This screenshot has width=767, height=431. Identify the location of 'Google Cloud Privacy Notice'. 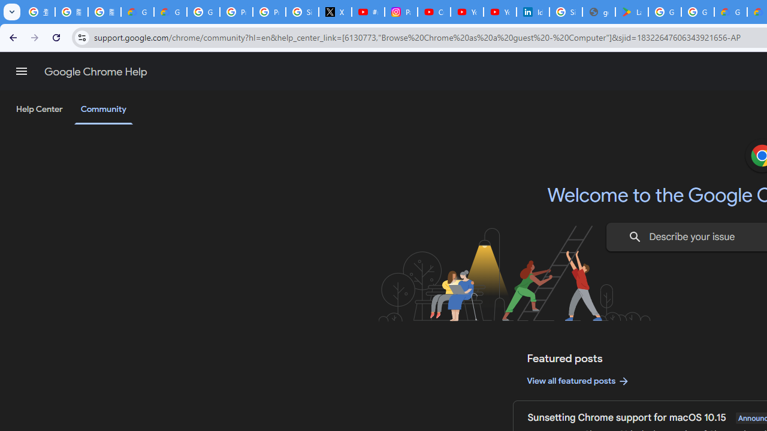
(170, 12).